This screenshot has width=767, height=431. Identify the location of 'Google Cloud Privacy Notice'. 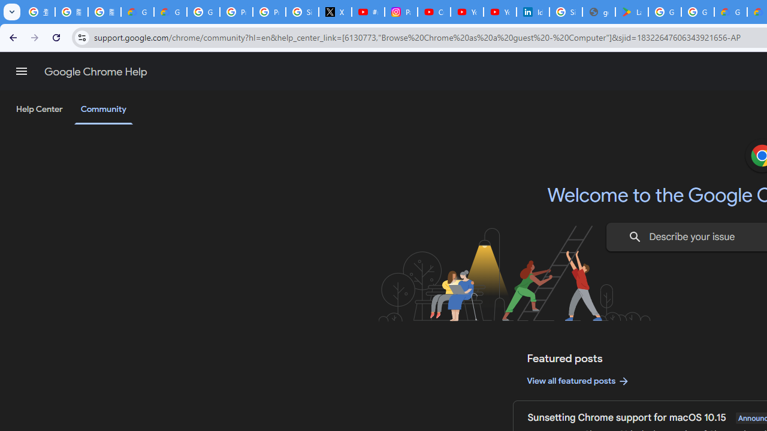
(170, 12).